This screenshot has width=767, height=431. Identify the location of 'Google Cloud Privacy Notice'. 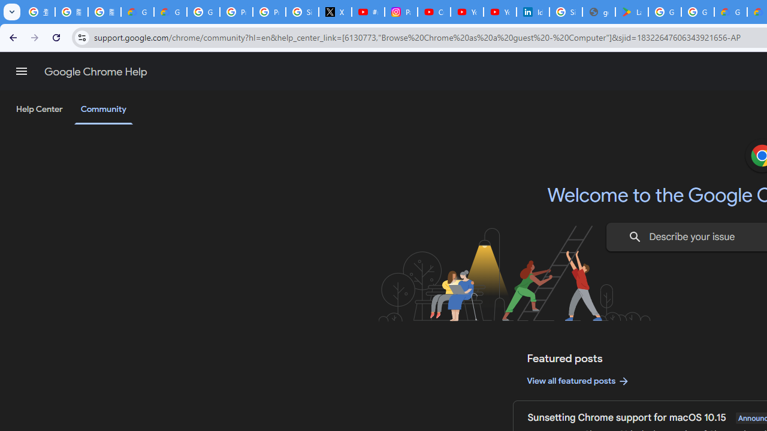
(170, 12).